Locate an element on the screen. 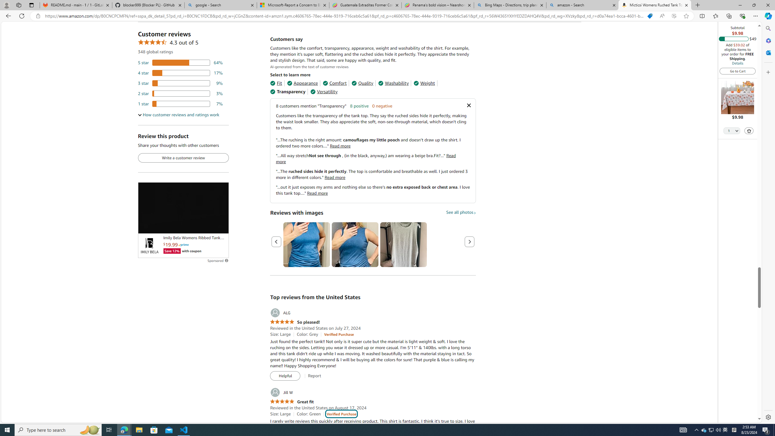 Image resolution: width=775 pixels, height=436 pixels. 'Unmute' is located at coordinates (221, 226).